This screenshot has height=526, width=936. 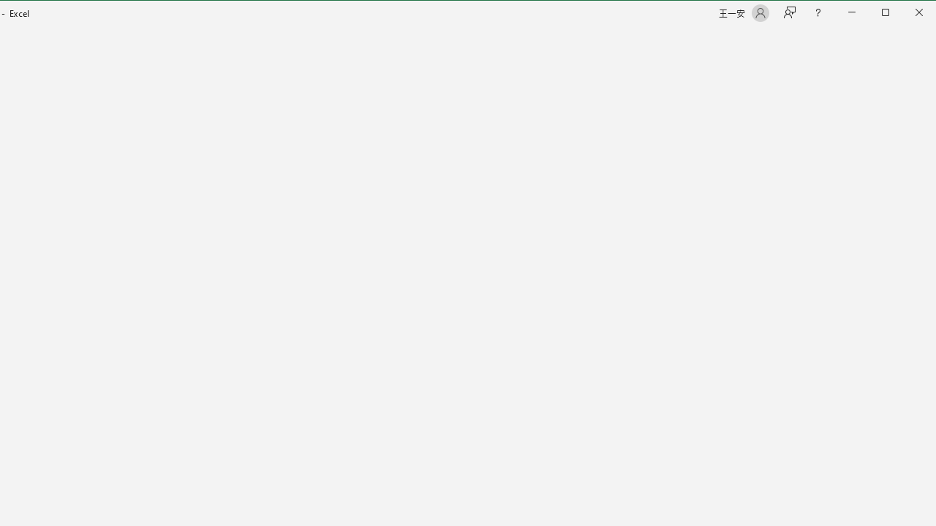 What do you see at coordinates (889, 14) in the screenshot?
I see `'Minimize'` at bounding box center [889, 14].